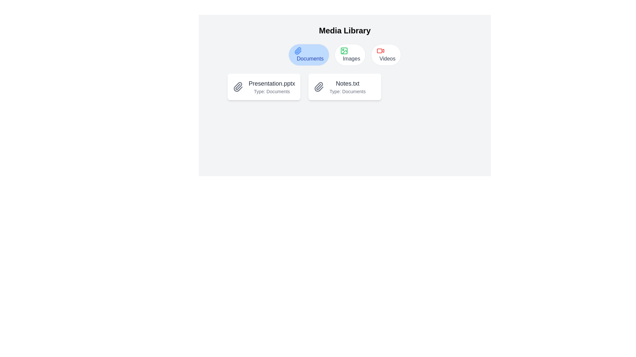 The height and width of the screenshot is (357, 636). What do you see at coordinates (380, 51) in the screenshot?
I see `the 'Videos' button in the Media Library interface, which is represented by a rounded rectangle graphical UI component located on the rightmost side of the button group` at bounding box center [380, 51].